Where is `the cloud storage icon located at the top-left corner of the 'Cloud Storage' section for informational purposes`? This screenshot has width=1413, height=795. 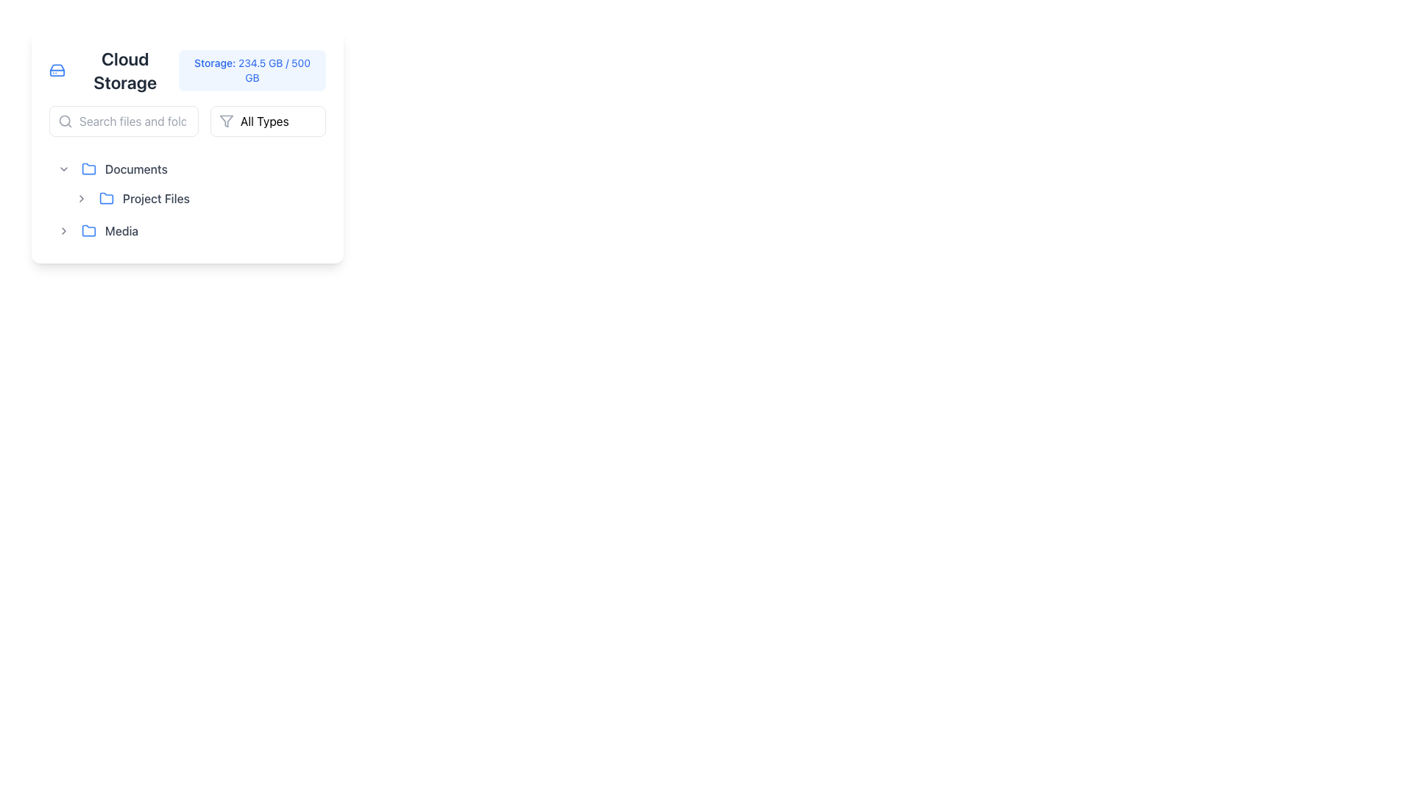
the cloud storage icon located at the top-left corner of the 'Cloud Storage' section for informational purposes is located at coordinates (57, 71).